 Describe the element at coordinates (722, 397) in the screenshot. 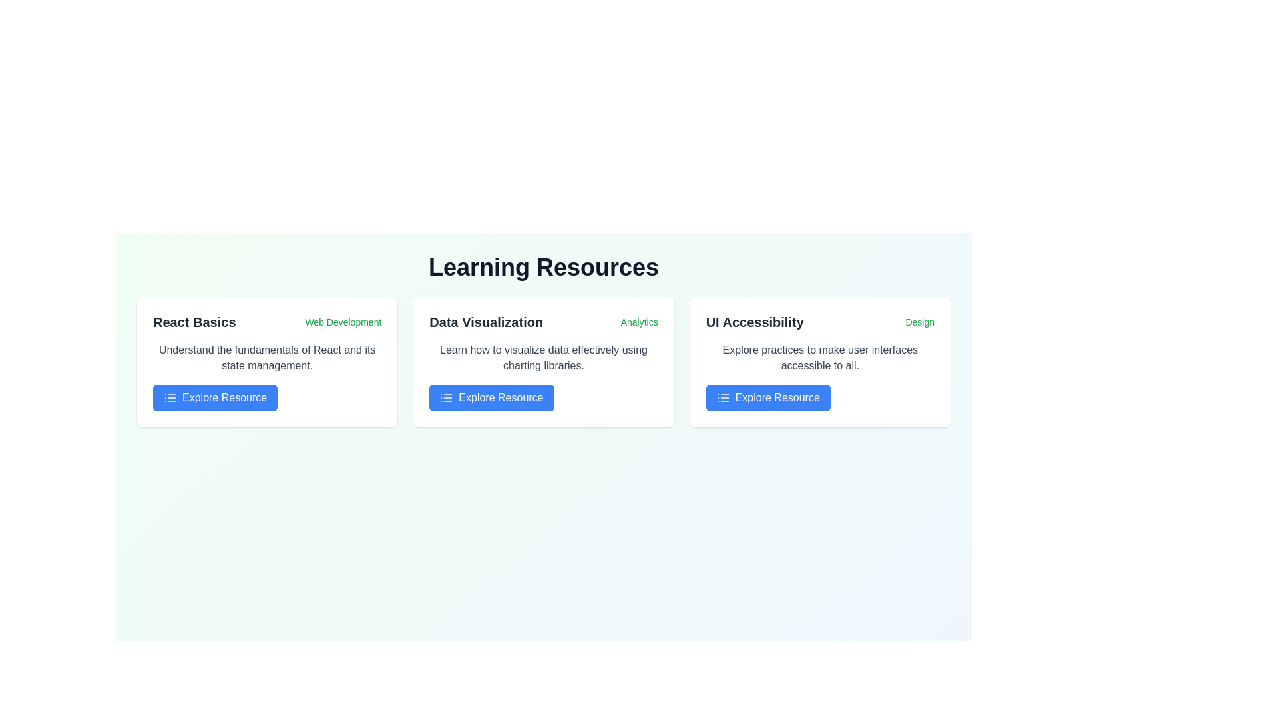

I see `the small icon resembling a three-line list with a blue background and white lines, located within the 'Explore Resource' button in the 'UI Accessibility' section of the third card` at that location.